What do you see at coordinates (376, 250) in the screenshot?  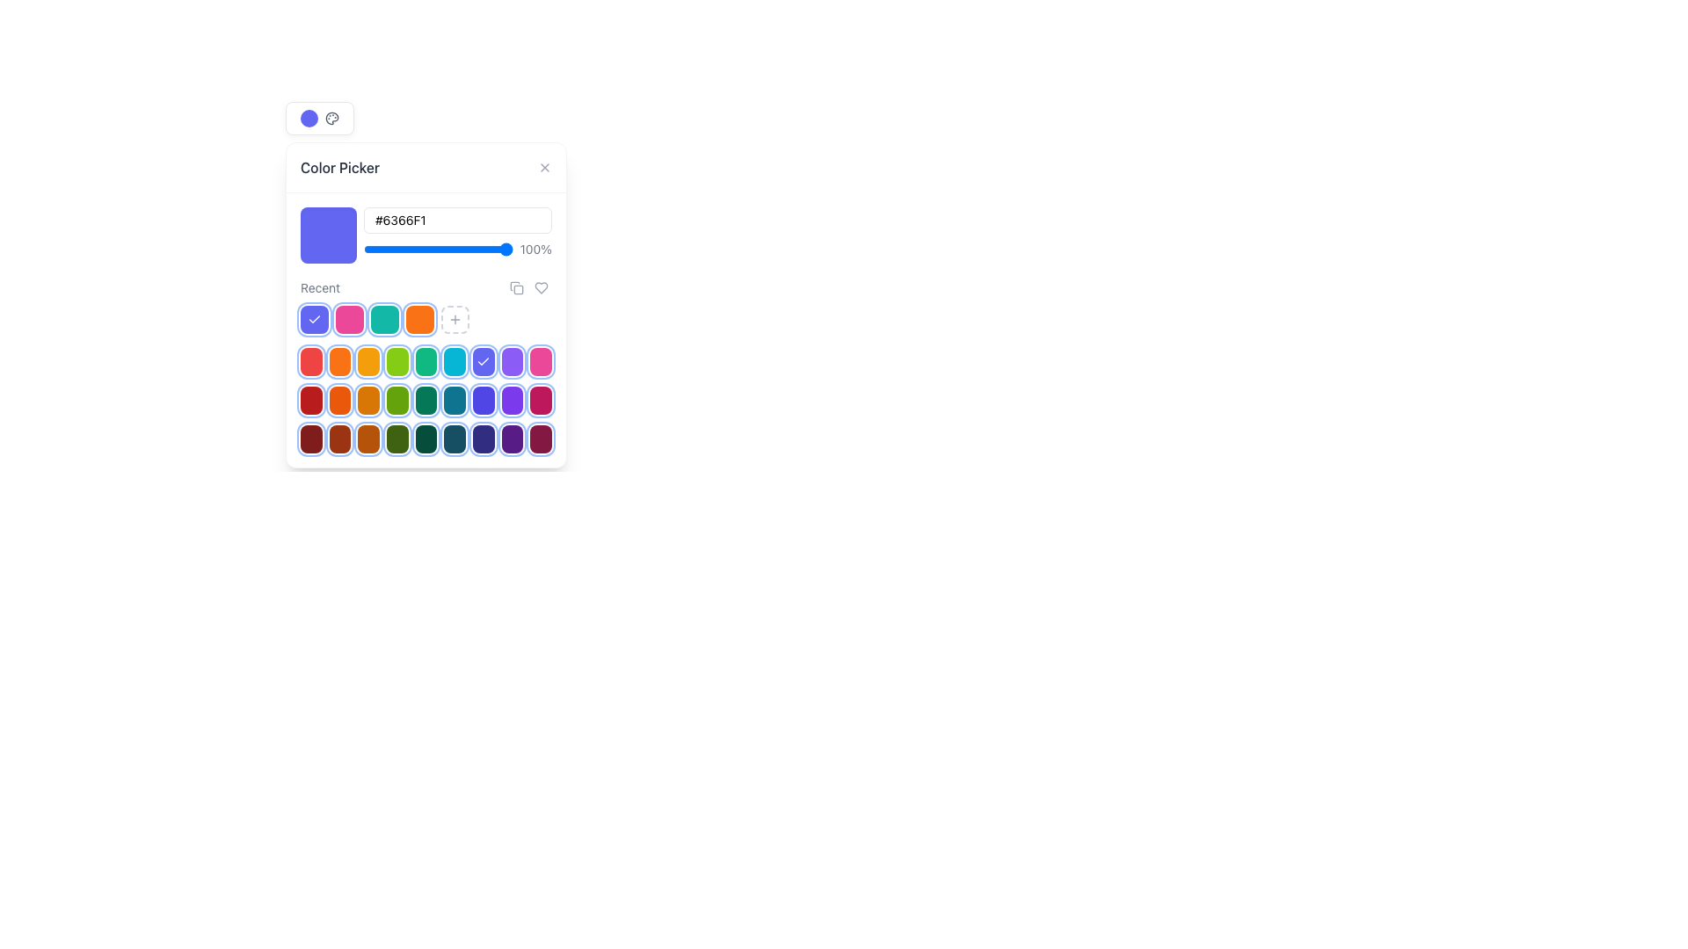 I see `the slider value` at bounding box center [376, 250].